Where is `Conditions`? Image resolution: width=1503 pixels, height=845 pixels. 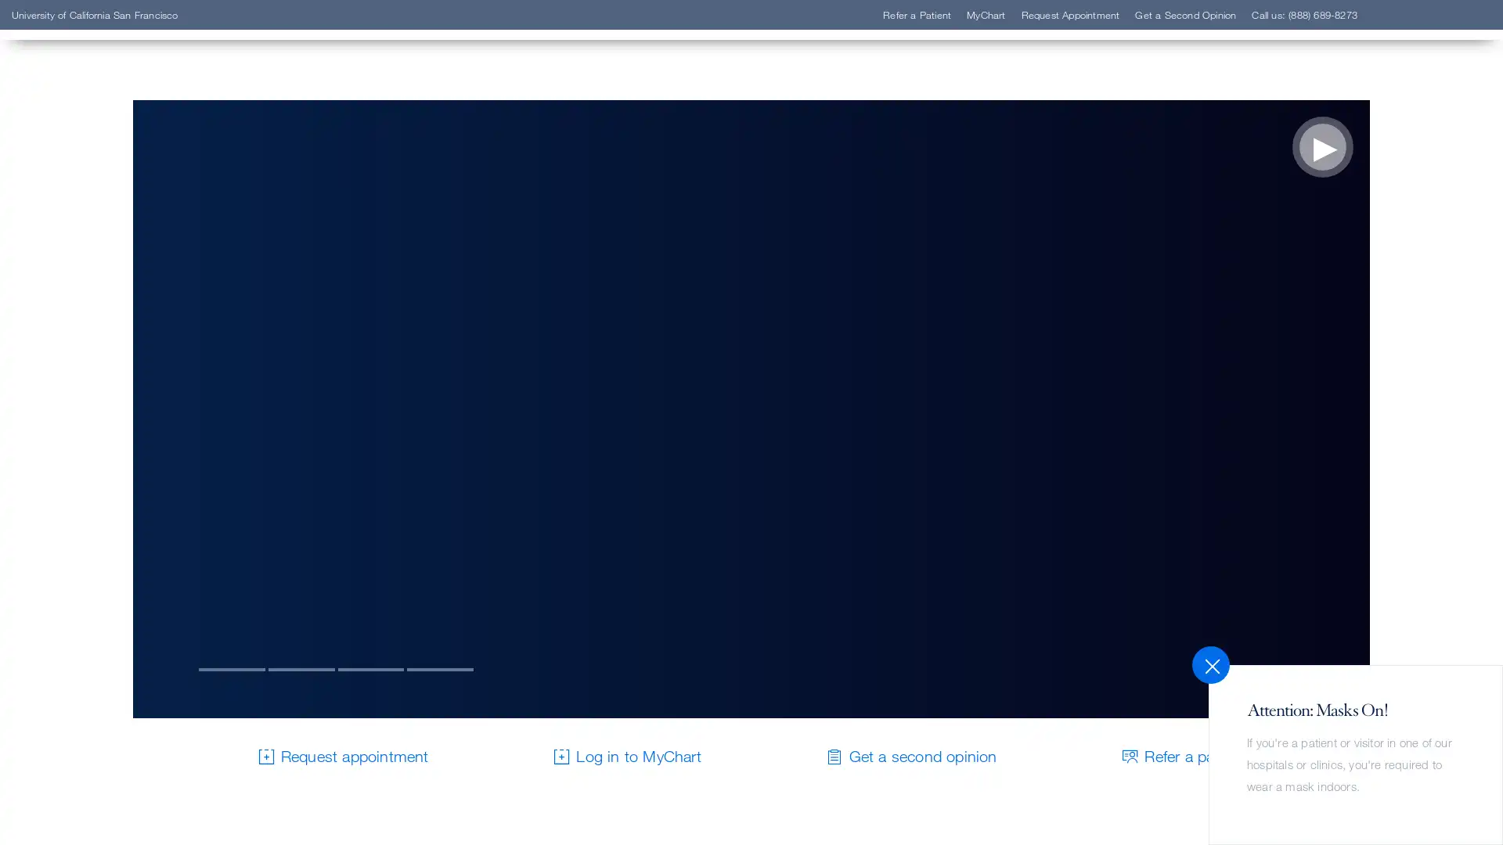
Conditions is located at coordinates (99, 301).